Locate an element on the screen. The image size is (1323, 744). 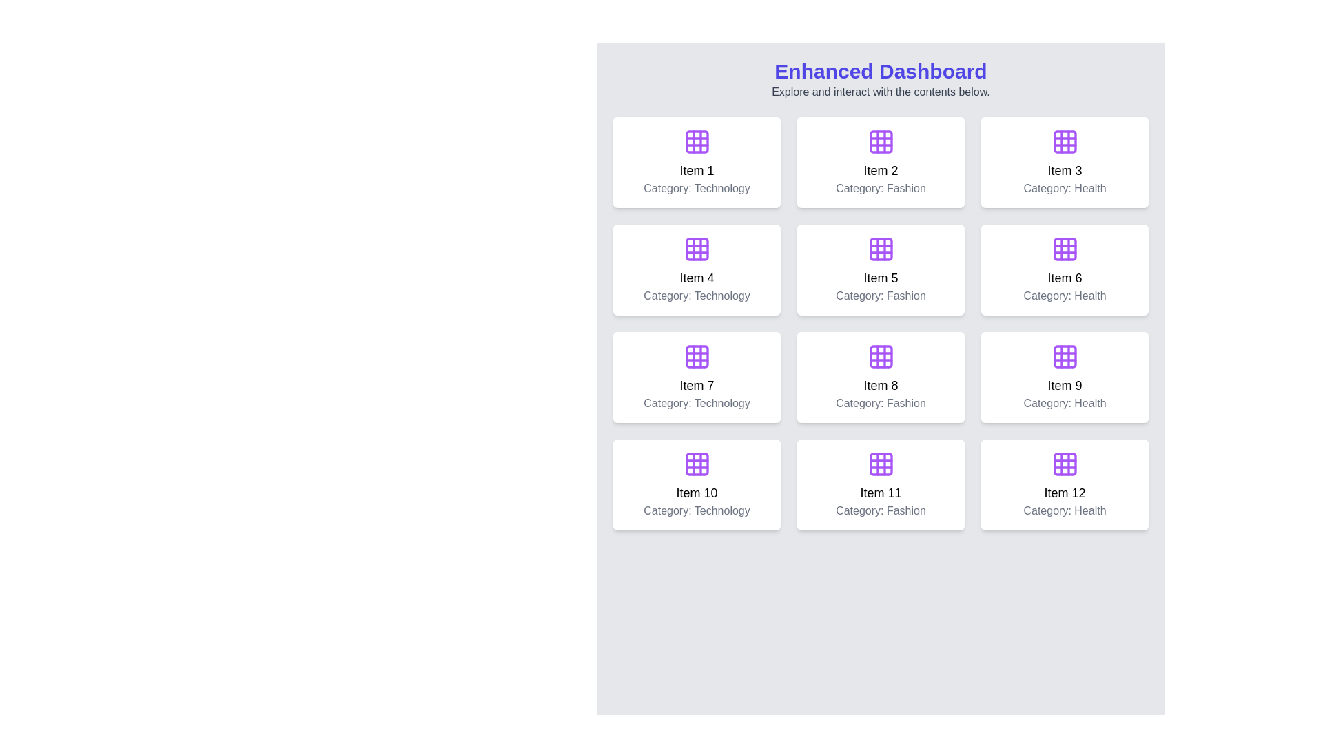
the clickable card element representing 'Item 6' in the 'Health' category, located in the second row and third column of the grid layout is located at coordinates (1064, 270).